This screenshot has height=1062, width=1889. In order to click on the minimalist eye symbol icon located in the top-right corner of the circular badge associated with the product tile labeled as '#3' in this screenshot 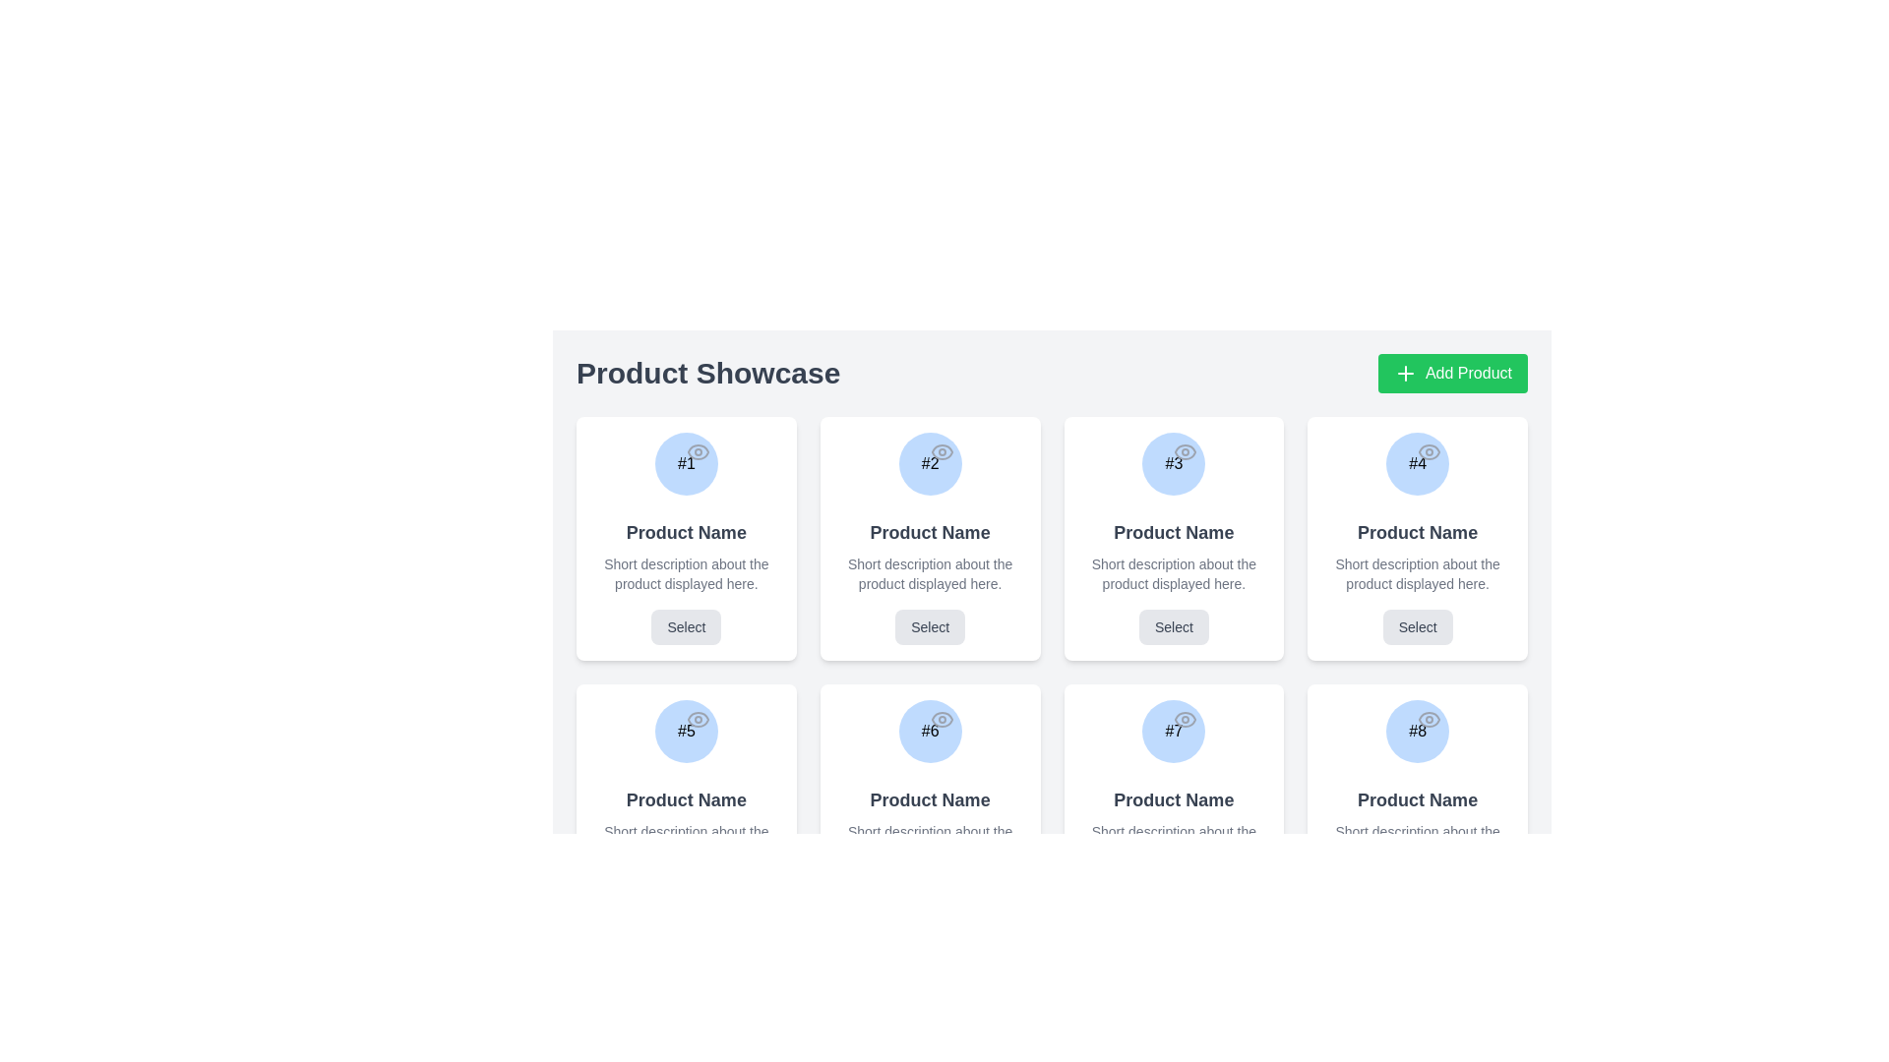, I will do `click(1185, 451)`.